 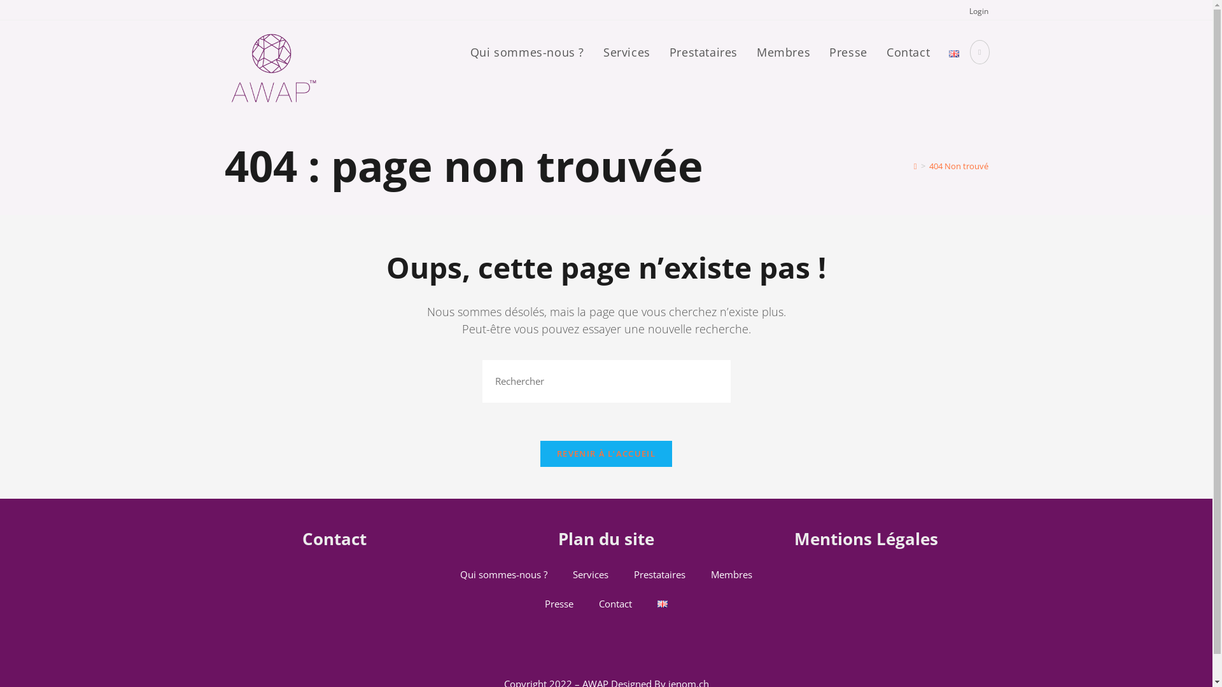 I want to click on 'Membres', so click(x=731, y=574).